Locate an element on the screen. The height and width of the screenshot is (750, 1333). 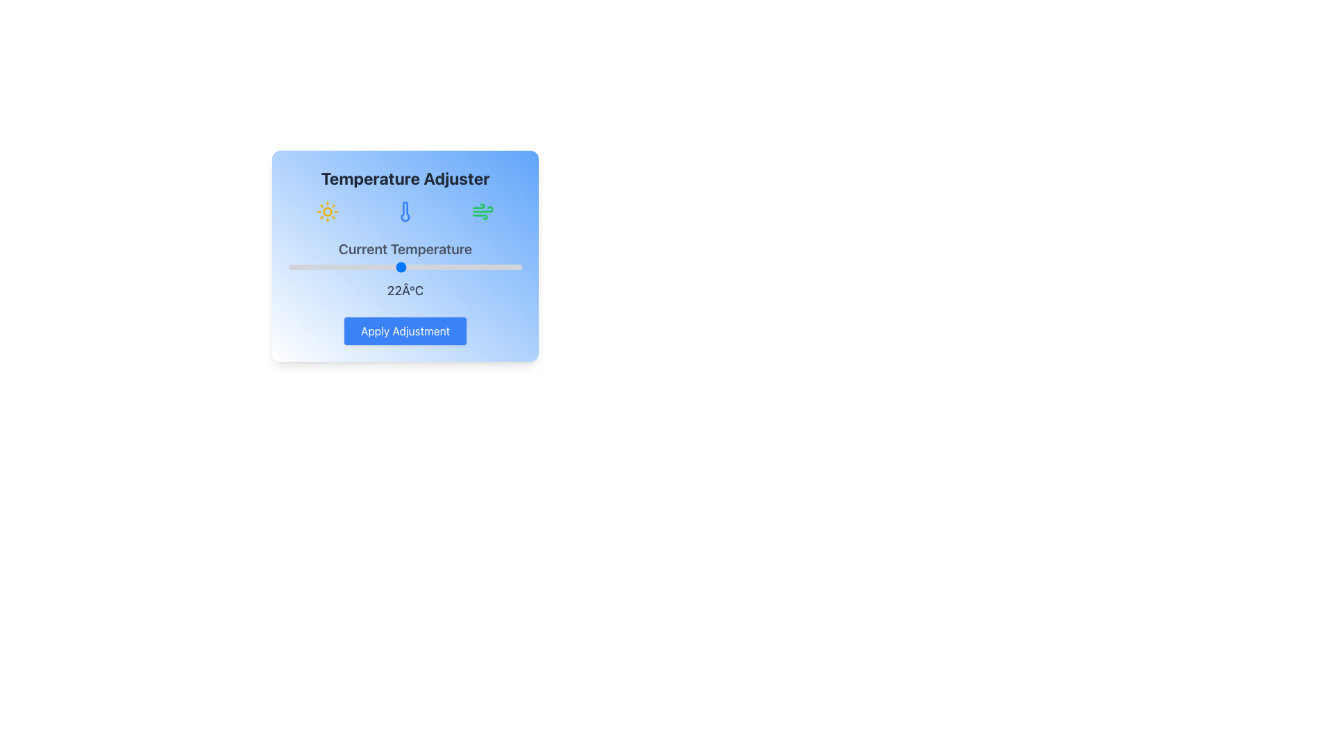
the temperature is located at coordinates (447, 267).